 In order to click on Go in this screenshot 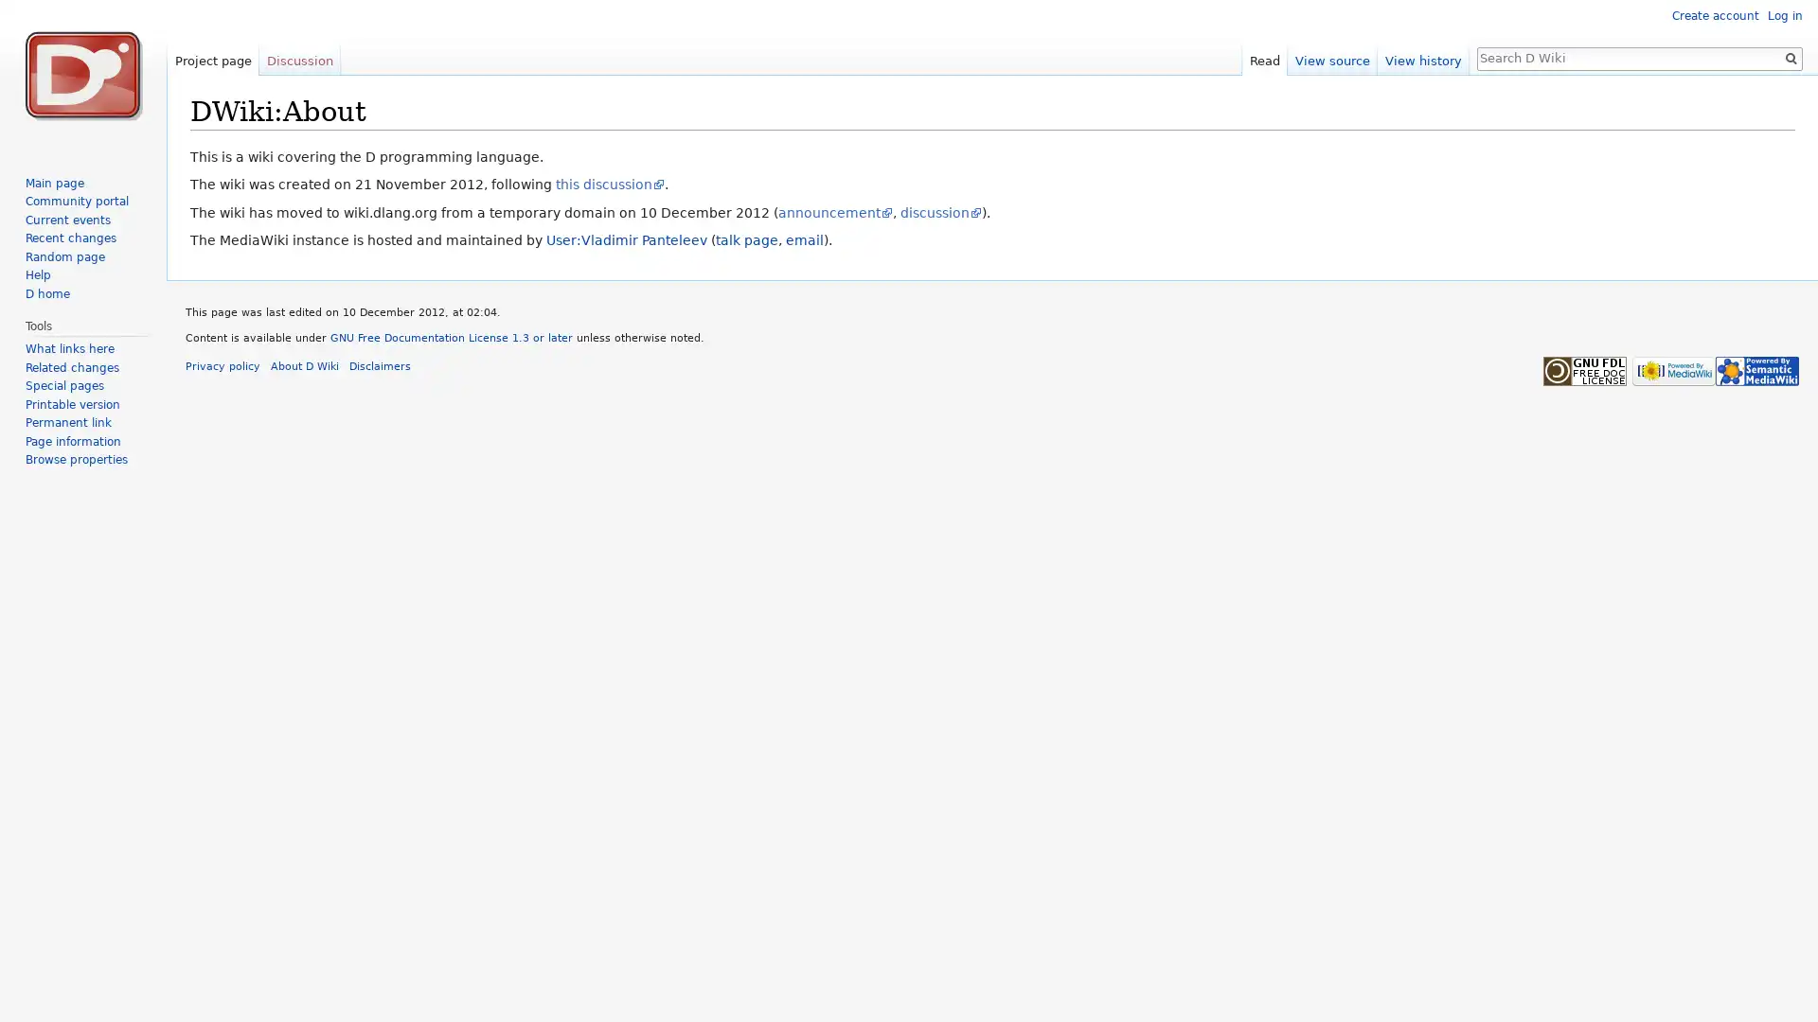, I will do `click(1790, 57)`.